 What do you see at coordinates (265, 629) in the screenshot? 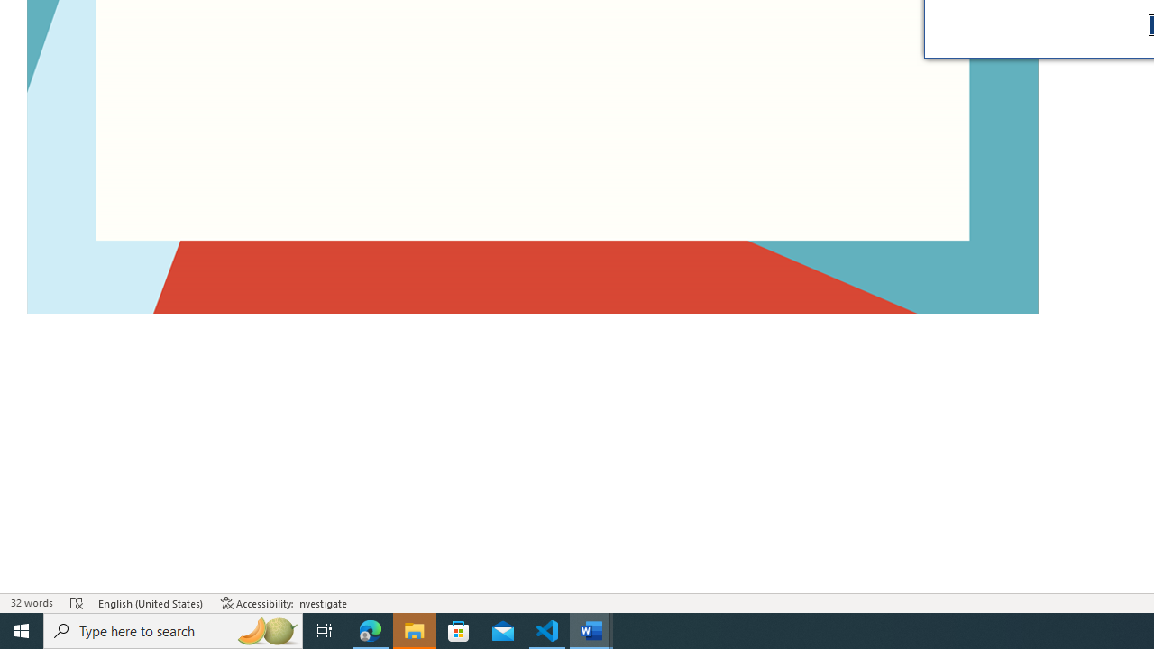
I see `'Search highlights icon opens search home window'` at bounding box center [265, 629].